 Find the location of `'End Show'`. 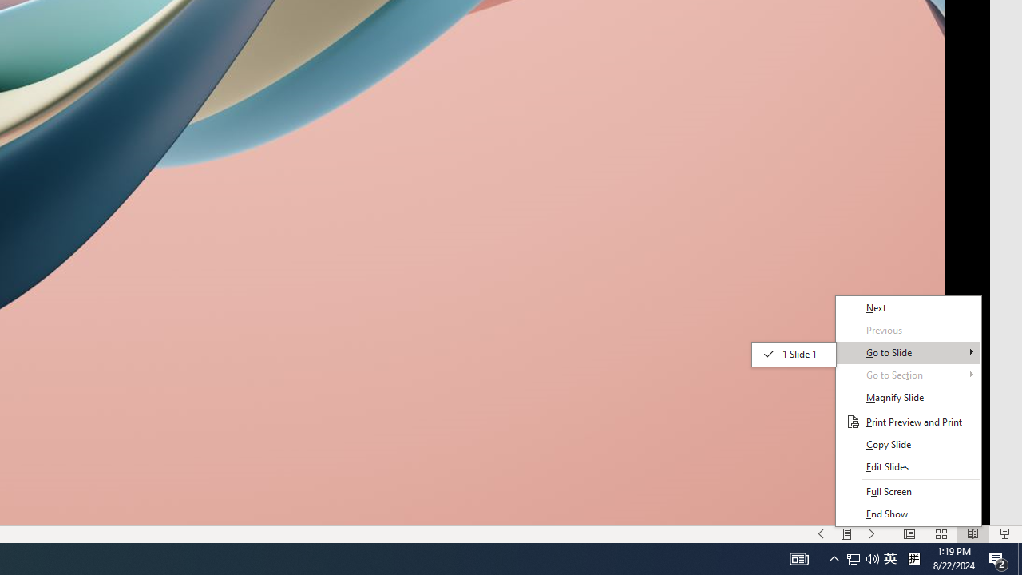

'End Show' is located at coordinates (908, 514).